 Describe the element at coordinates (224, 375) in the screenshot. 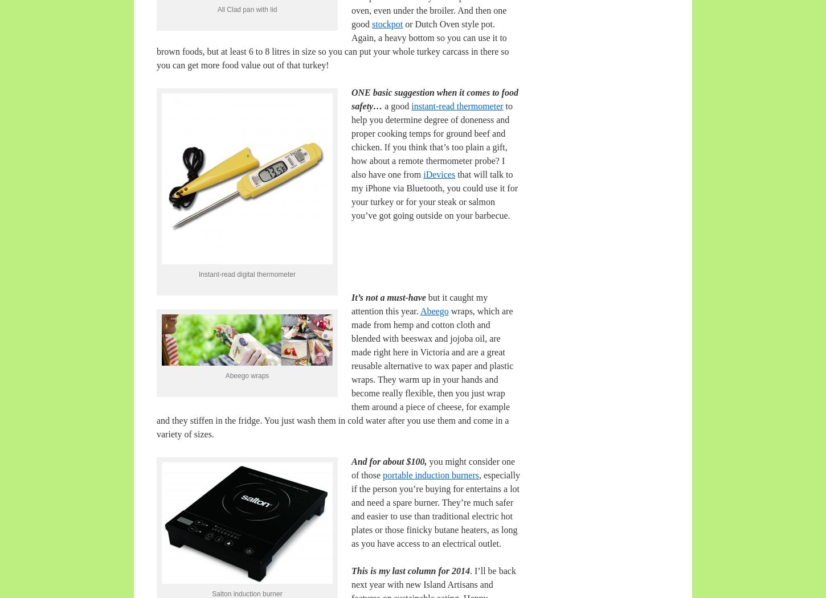

I see `'Abeego wraps'` at that location.